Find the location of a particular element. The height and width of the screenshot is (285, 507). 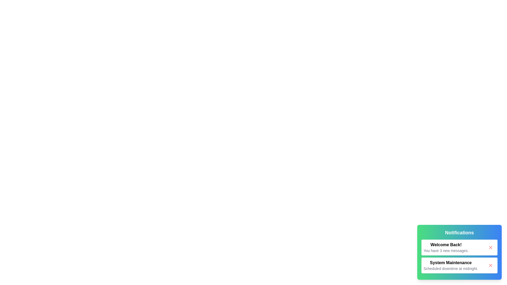

the close button of the notification panel is located at coordinates (490, 247).